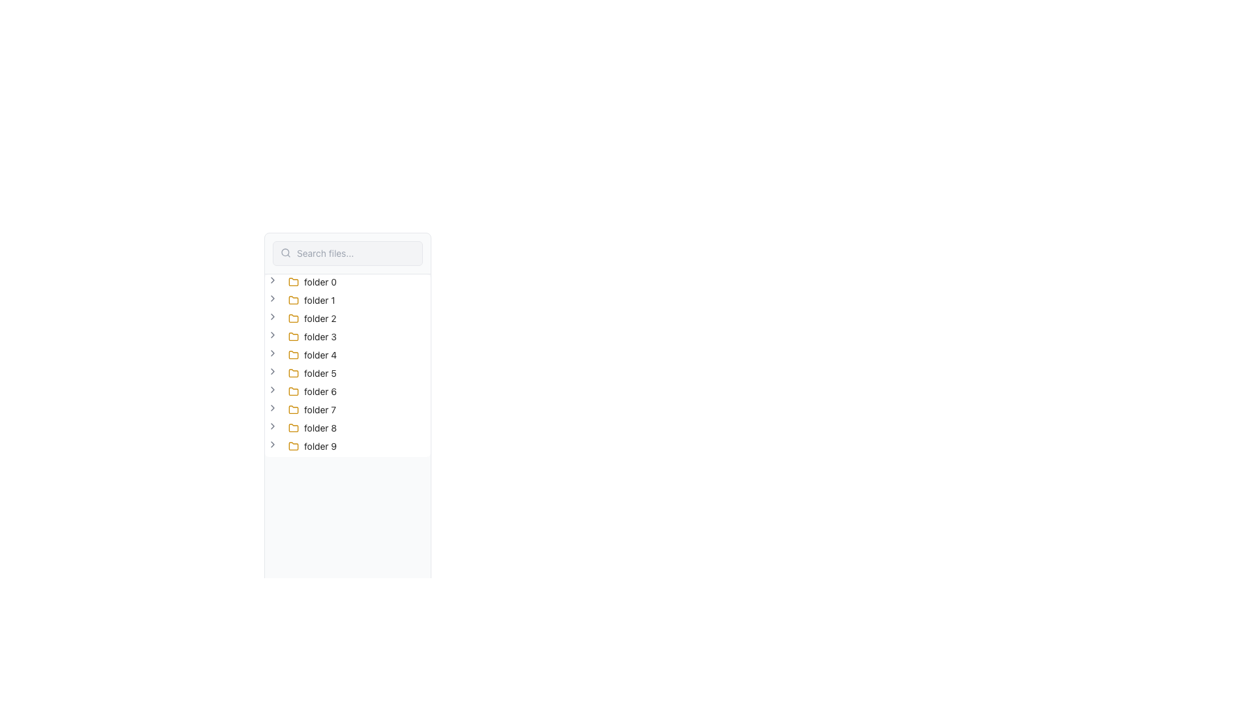 The width and height of the screenshot is (1253, 704). What do you see at coordinates (312, 428) in the screenshot?
I see `the 'folder 8' tree node` at bounding box center [312, 428].